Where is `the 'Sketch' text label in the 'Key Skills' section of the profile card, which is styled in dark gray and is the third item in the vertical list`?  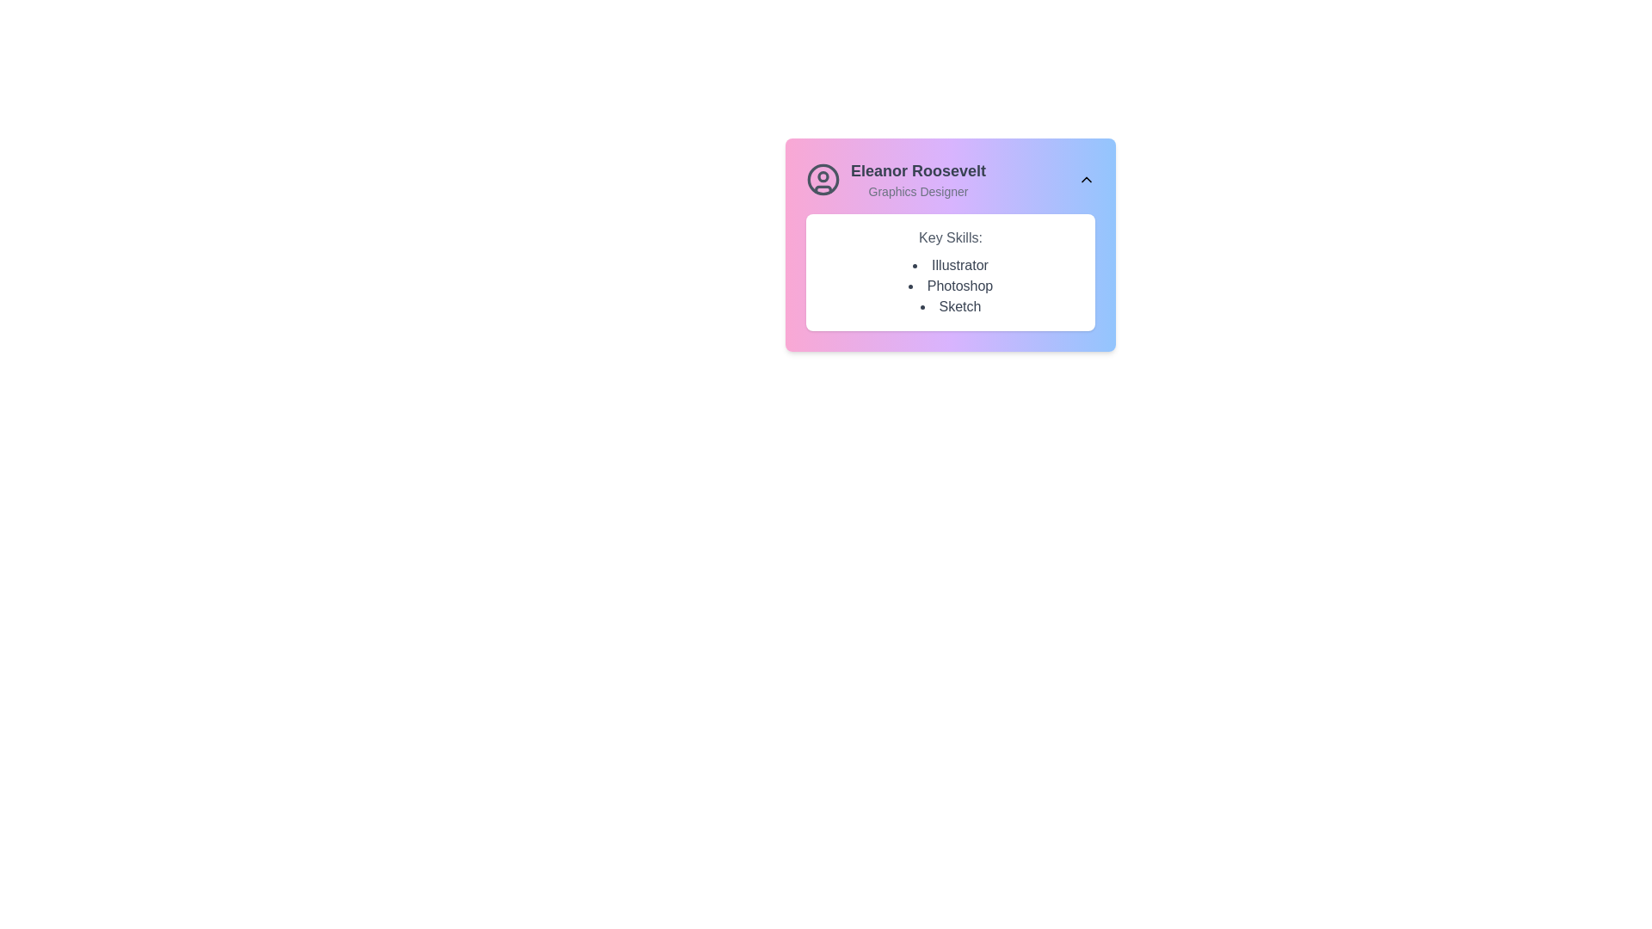 the 'Sketch' text label in the 'Key Skills' section of the profile card, which is styled in dark gray and is the third item in the vertical list is located at coordinates (949, 306).